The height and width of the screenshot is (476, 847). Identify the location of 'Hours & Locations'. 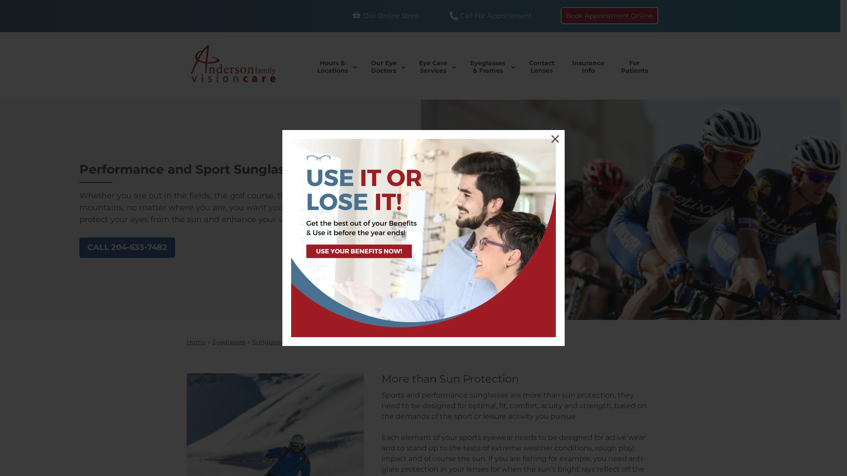
(307, 66).